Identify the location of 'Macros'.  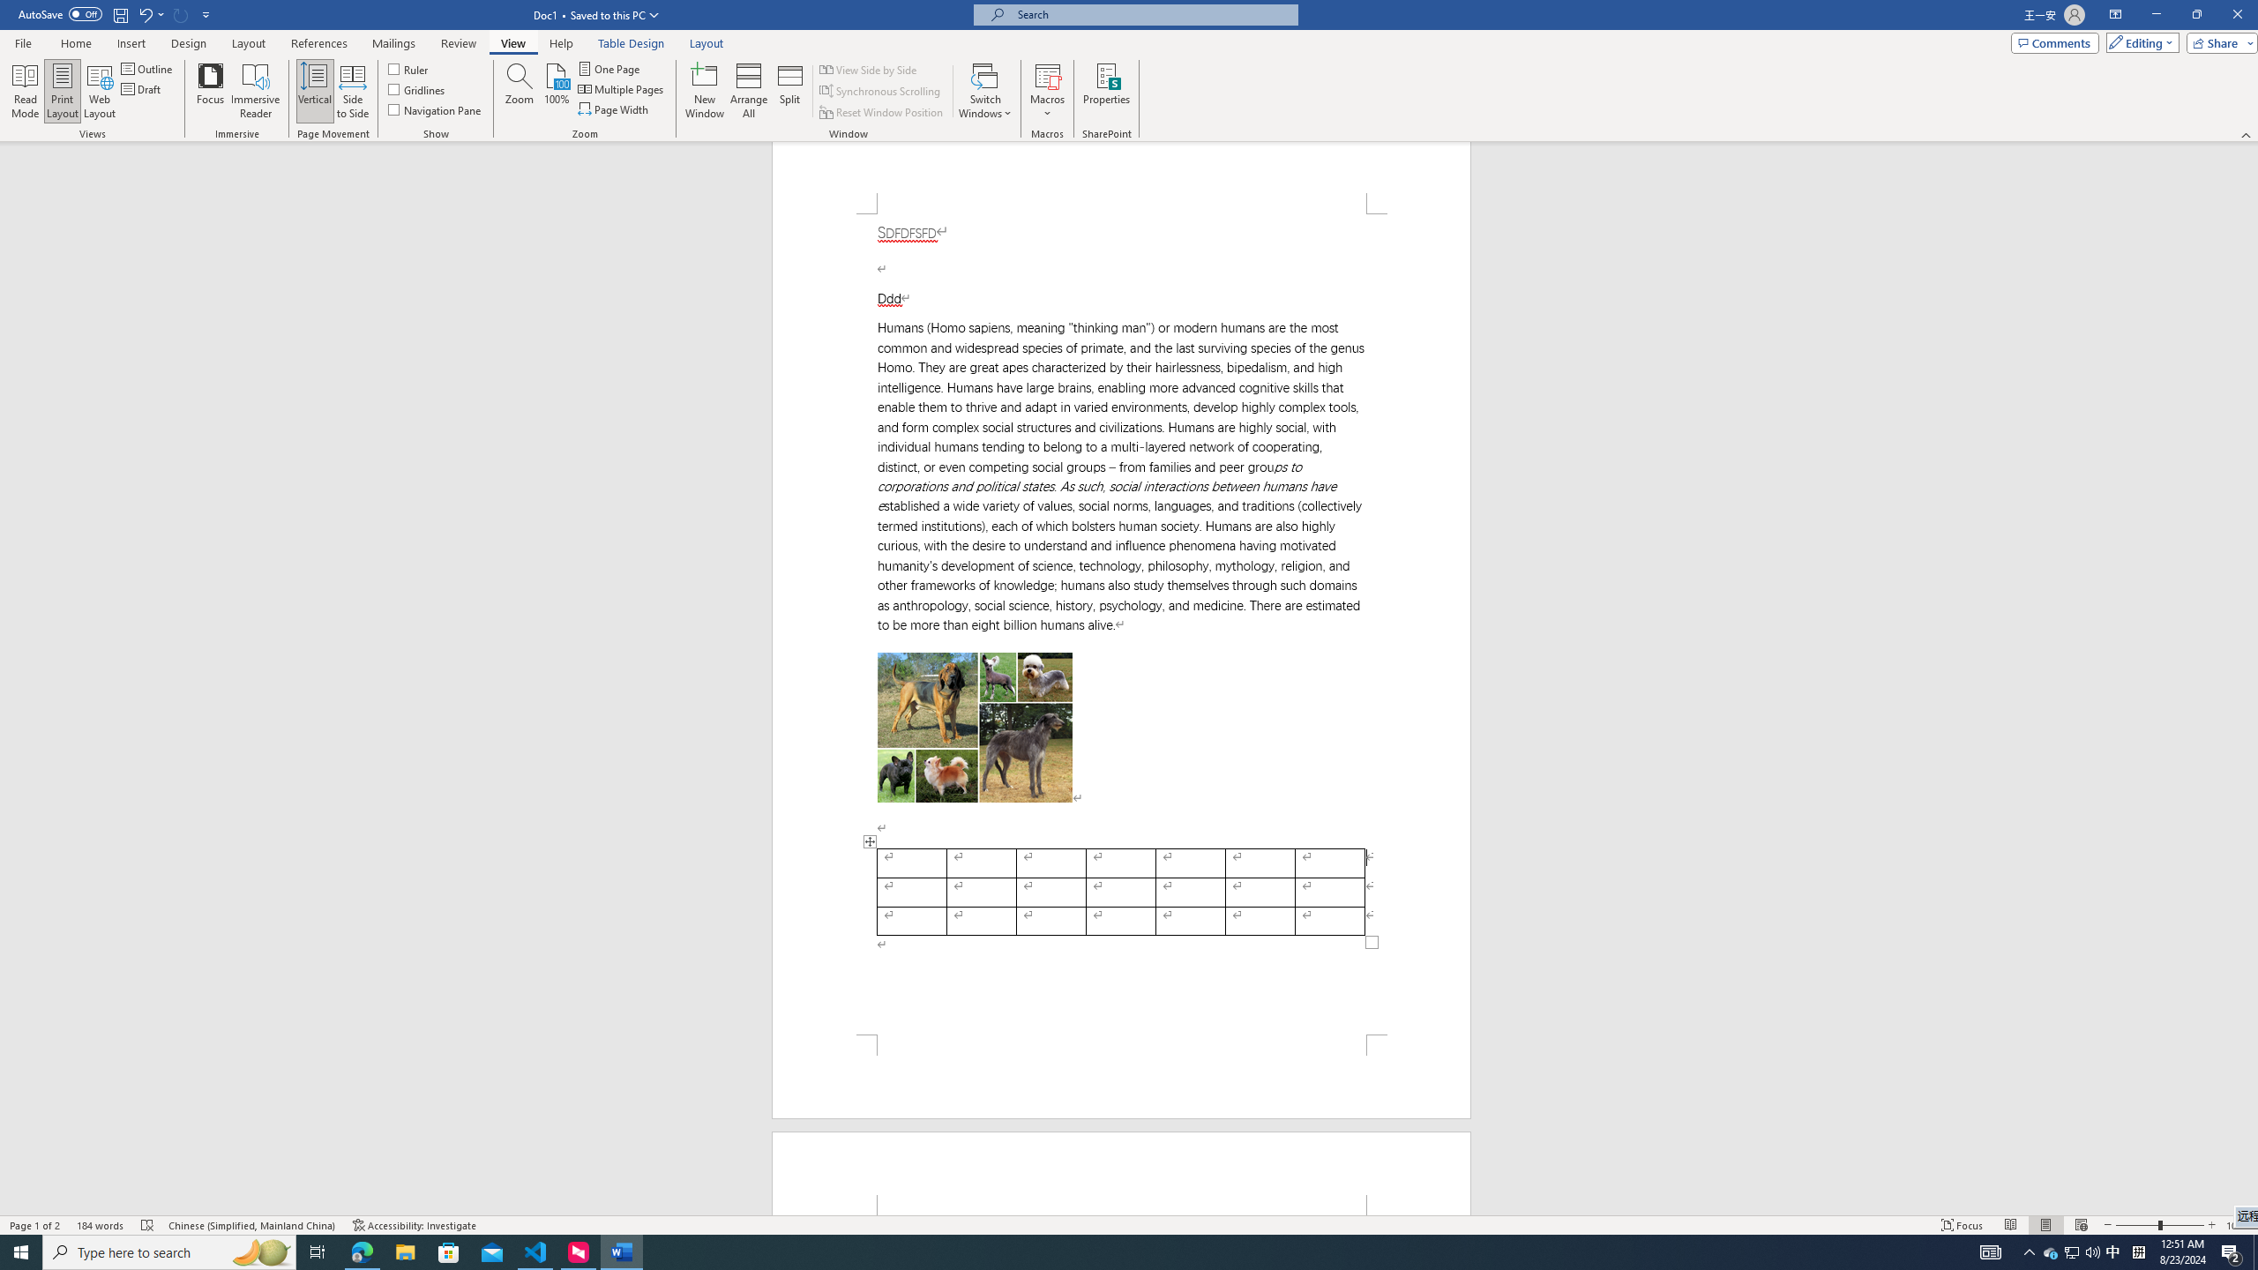
(1046, 91).